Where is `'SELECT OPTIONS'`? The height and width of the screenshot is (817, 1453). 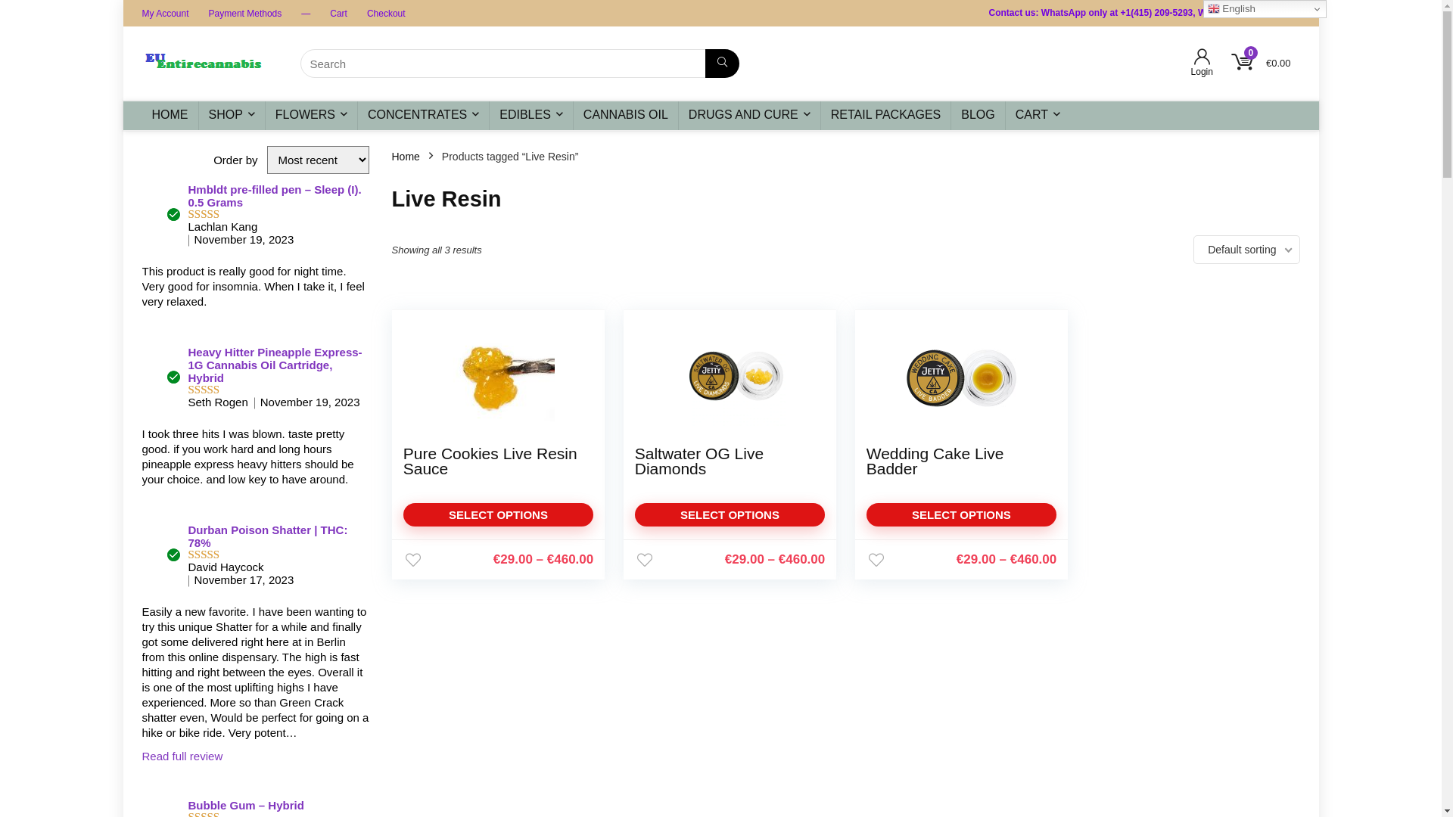
'SELECT OPTIONS' is located at coordinates (730, 514).